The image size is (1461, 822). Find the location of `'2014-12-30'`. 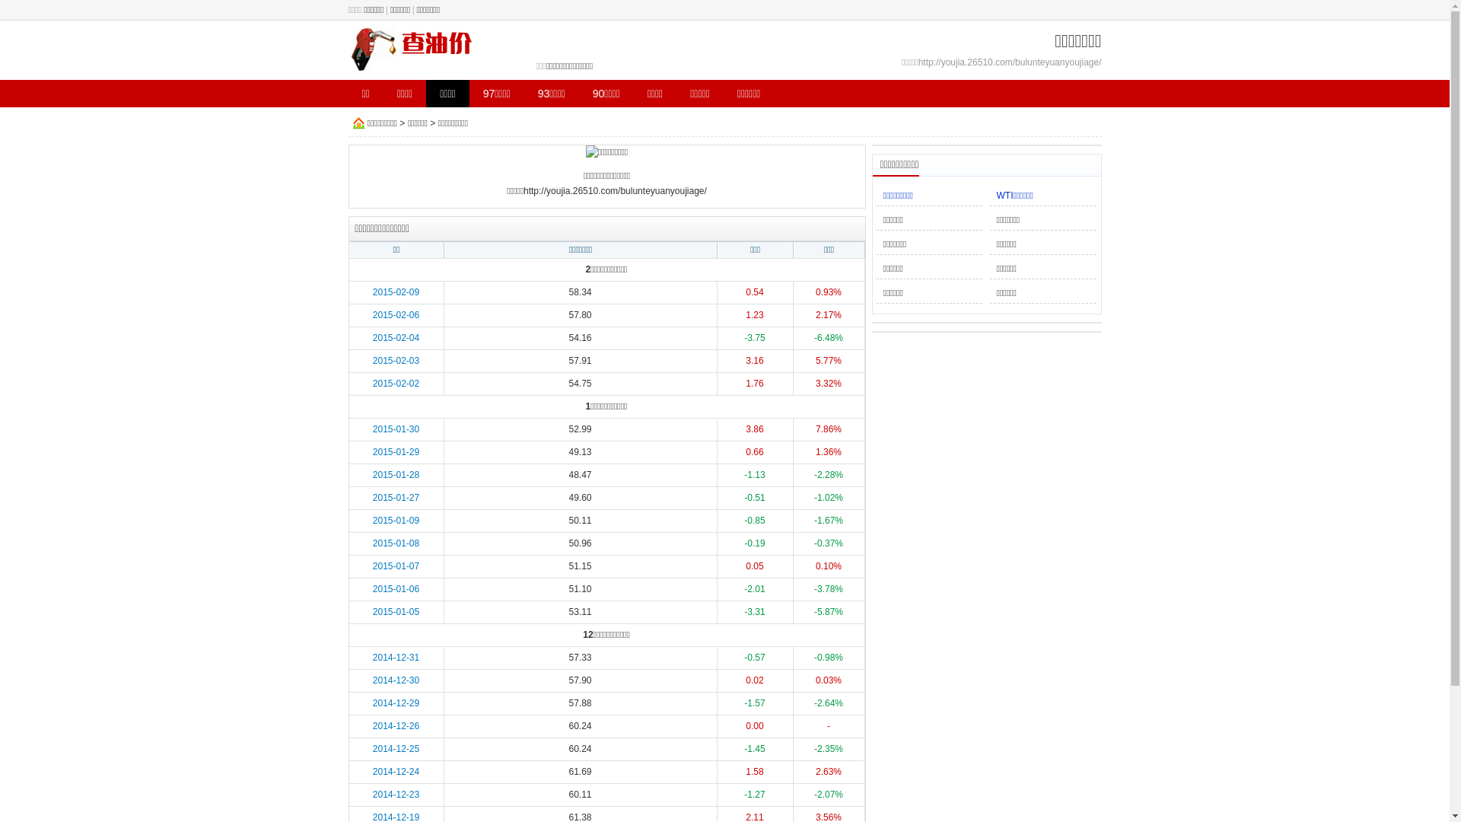

'2014-12-30' is located at coordinates (372, 680).